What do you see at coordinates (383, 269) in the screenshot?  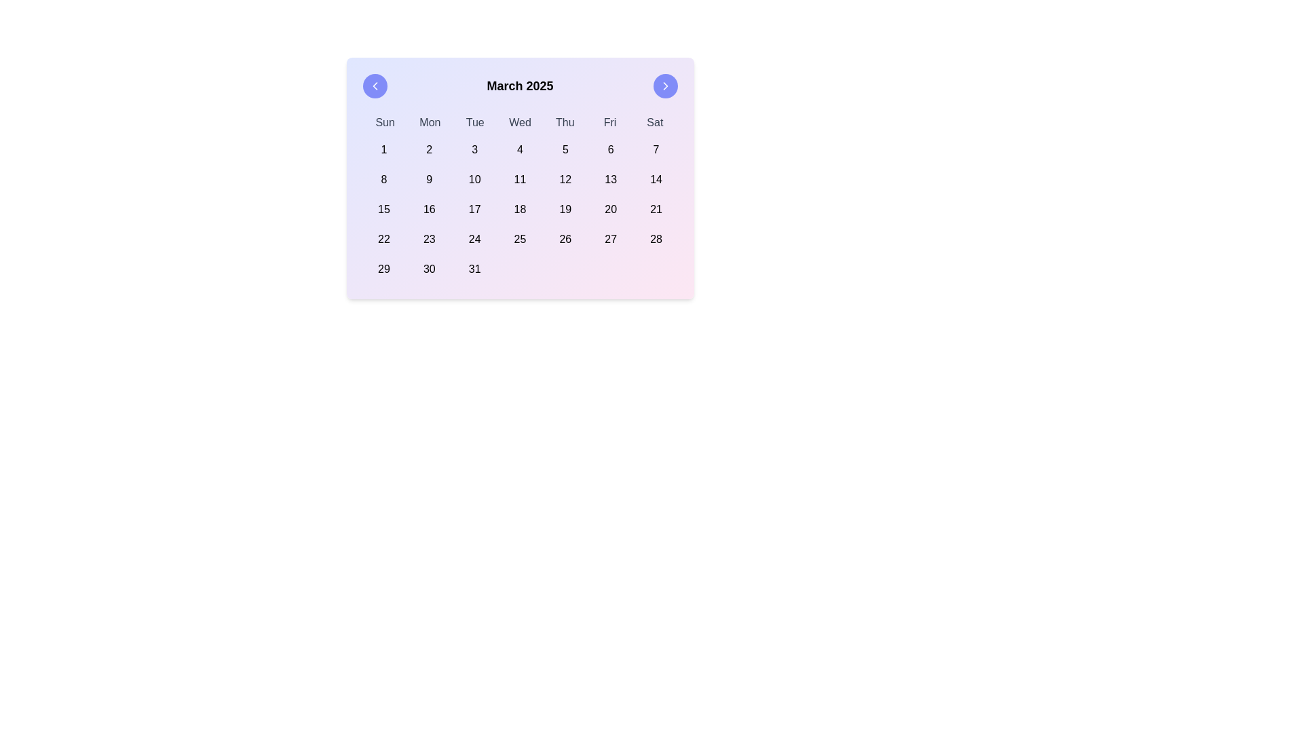 I see `the clickable calendar date cell with a light purple background located at the bottom-left cell of the grid, which is the 29th item` at bounding box center [383, 269].